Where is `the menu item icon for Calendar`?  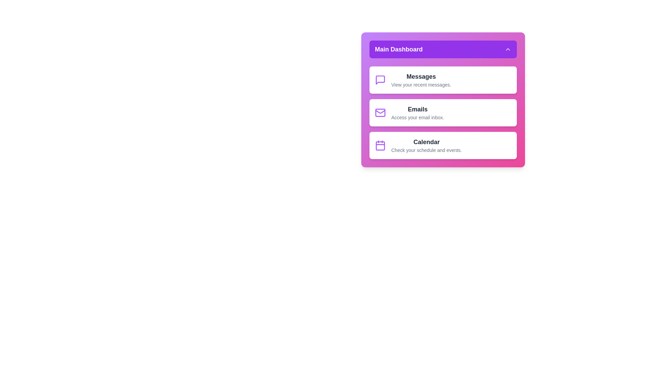
the menu item icon for Calendar is located at coordinates (380, 145).